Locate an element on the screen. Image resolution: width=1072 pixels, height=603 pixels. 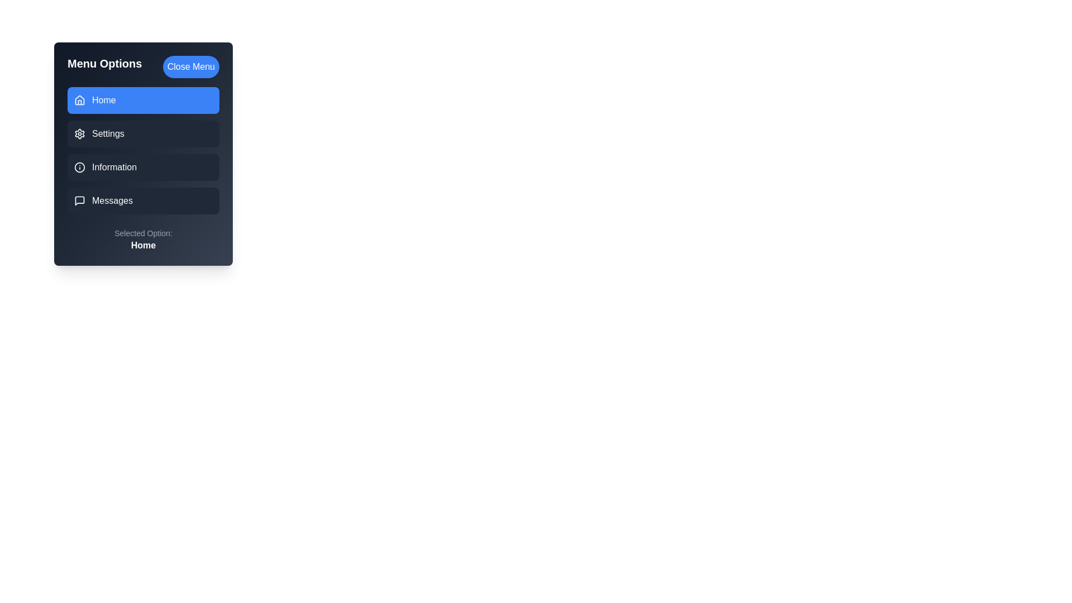
the 'Information' navigation button, which is the third option in the dark-themed menu card, located centrally below 'Settings' and above 'Messages' is located at coordinates (143, 154).